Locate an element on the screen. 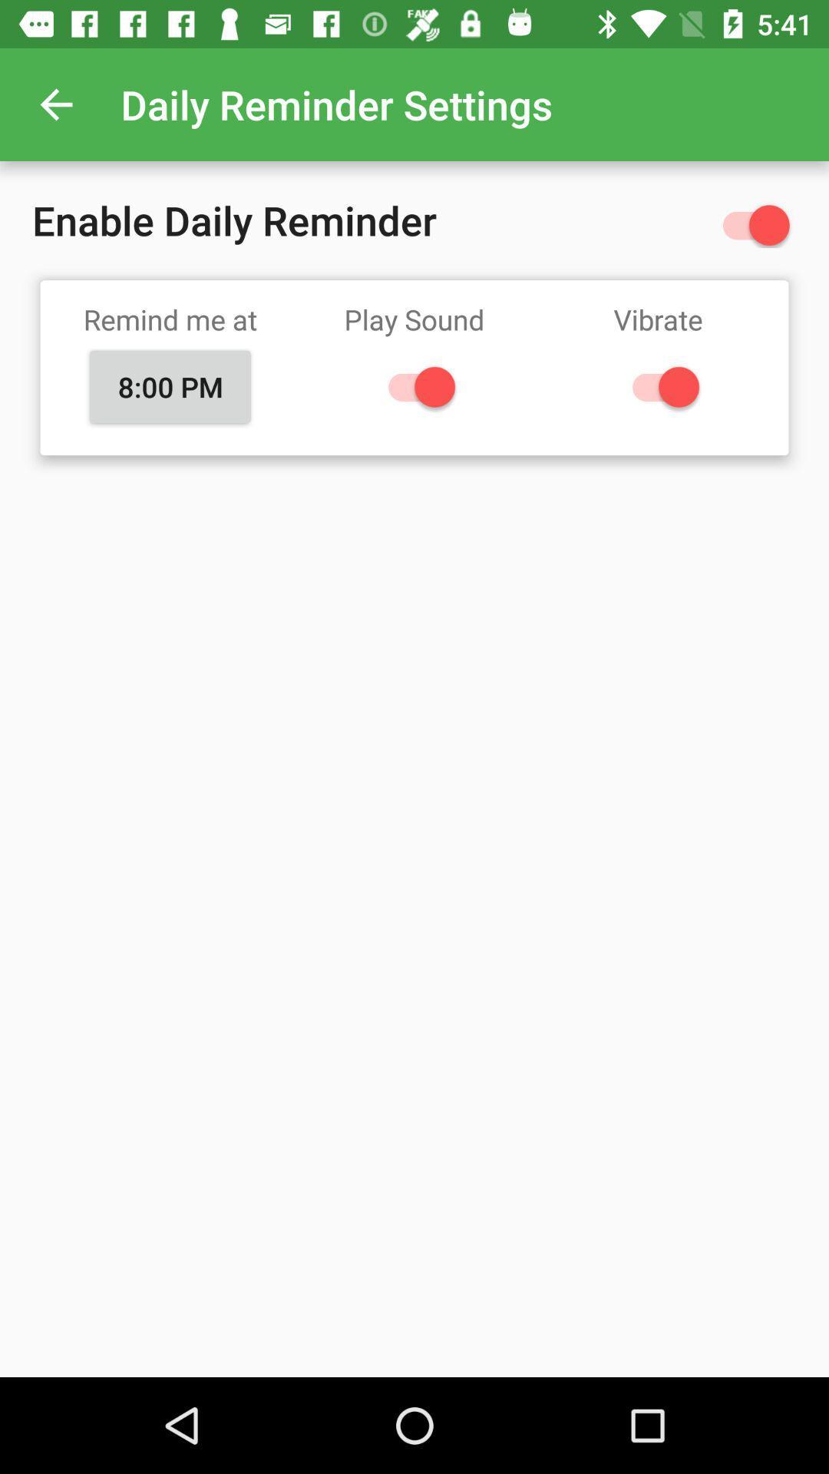 The height and width of the screenshot is (1474, 829). the 8:00 pm icon is located at coordinates (170, 387).